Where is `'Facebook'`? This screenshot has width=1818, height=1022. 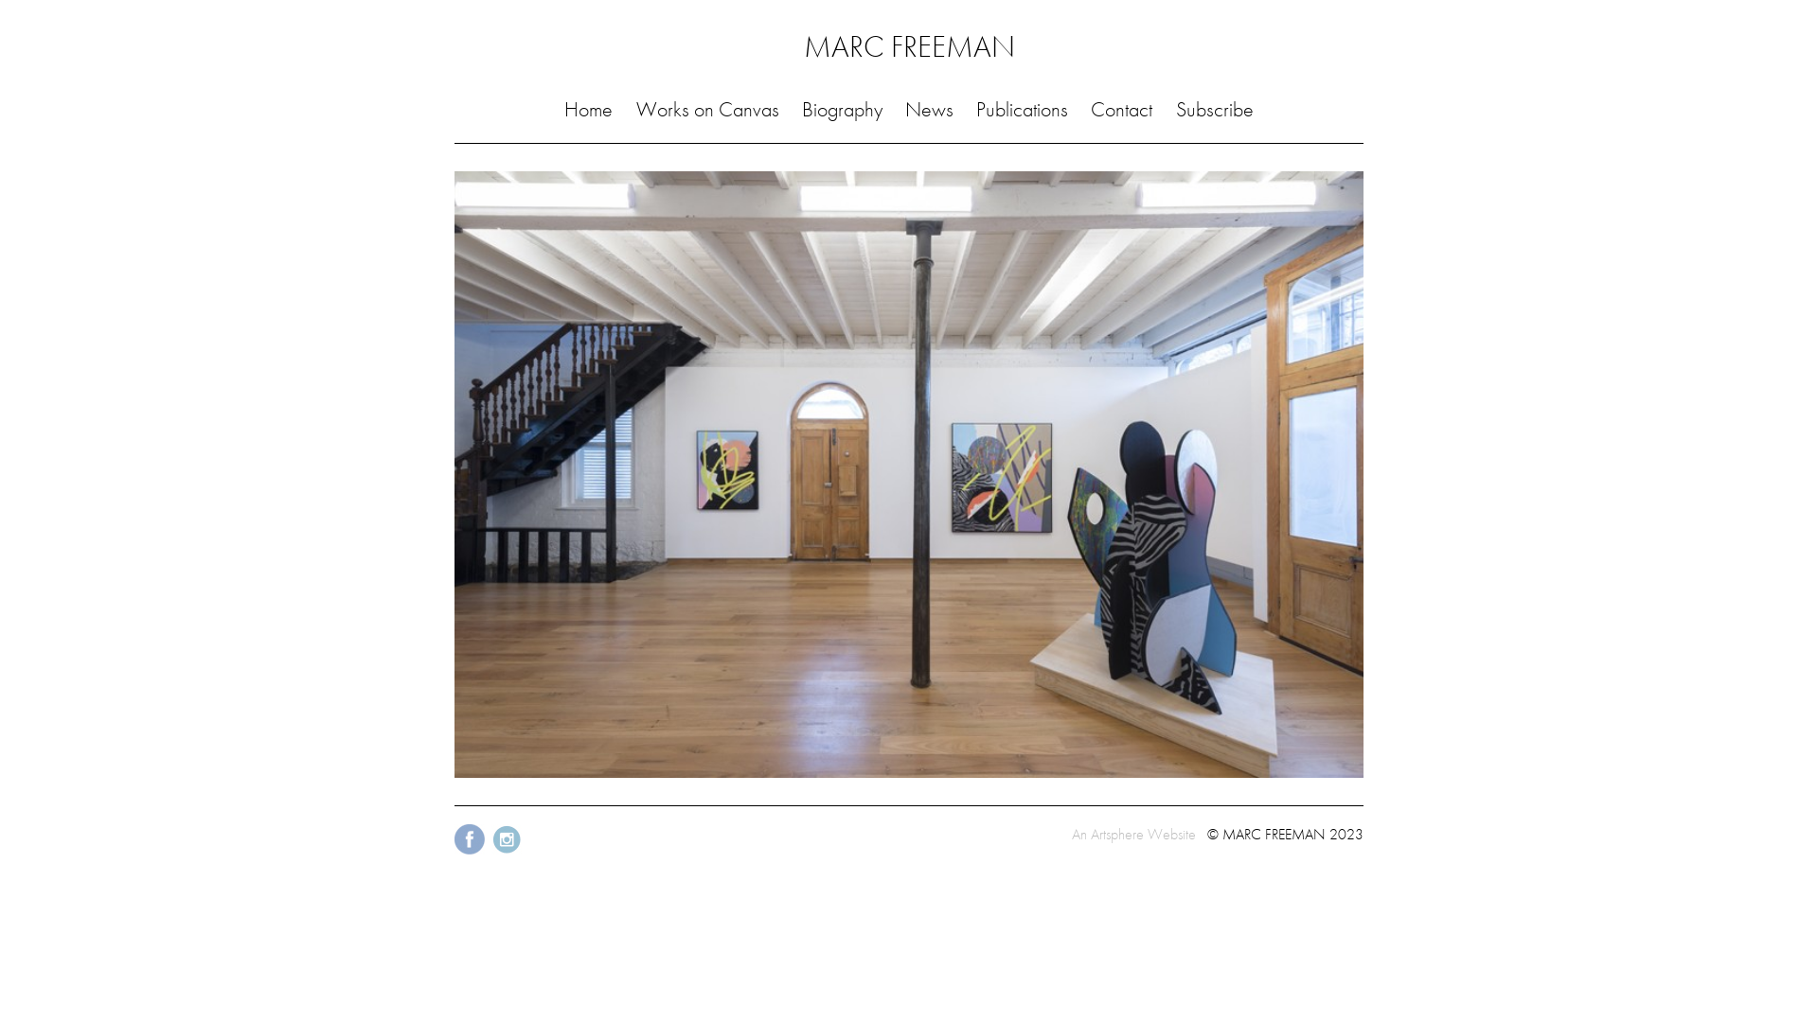
'Facebook' is located at coordinates (471, 853).